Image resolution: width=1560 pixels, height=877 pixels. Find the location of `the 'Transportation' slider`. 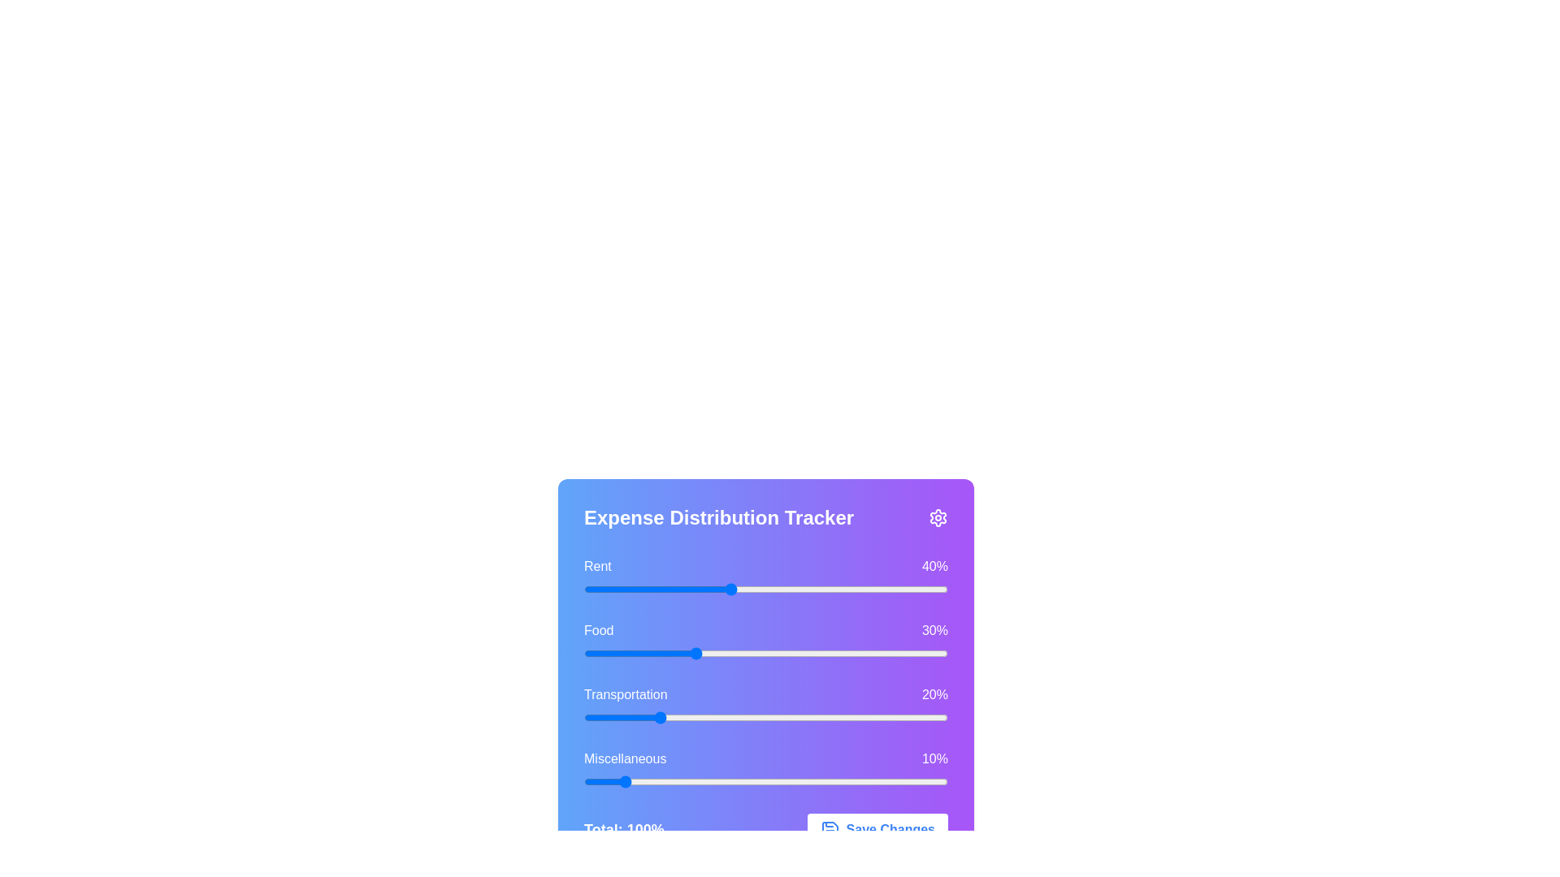

the 'Transportation' slider is located at coordinates (743, 716).